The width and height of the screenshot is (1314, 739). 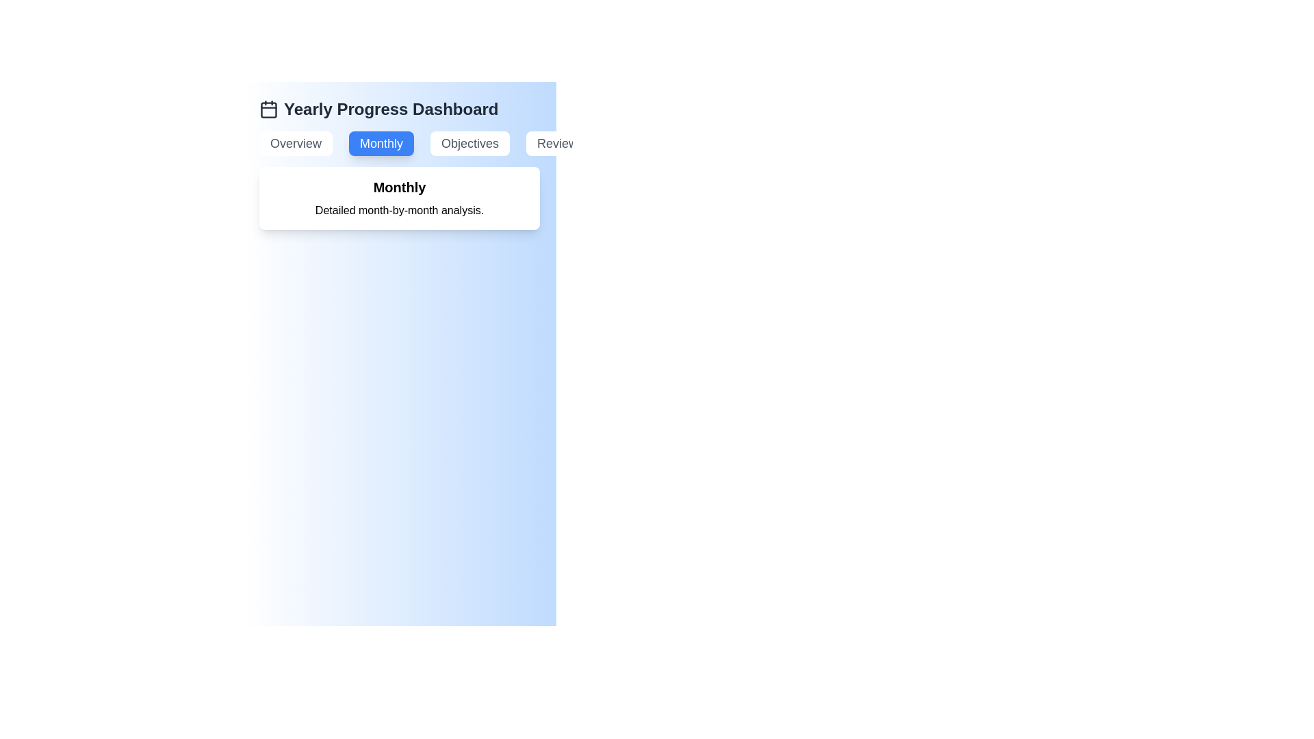 What do you see at coordinates (295, 143) in the screenshot?
I see `the Overview tab by clicking on its corresponding button` at bounding box center [295, 143].